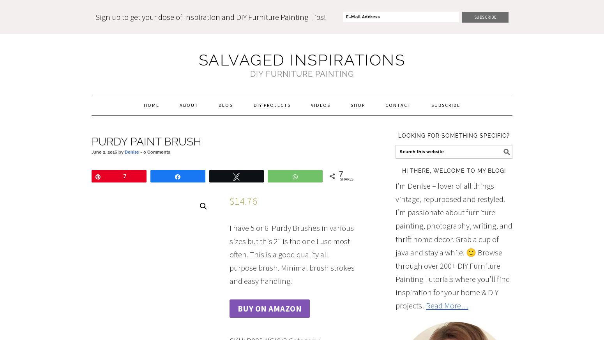  I want to click on 'DIY Projects', so click(272, 104).